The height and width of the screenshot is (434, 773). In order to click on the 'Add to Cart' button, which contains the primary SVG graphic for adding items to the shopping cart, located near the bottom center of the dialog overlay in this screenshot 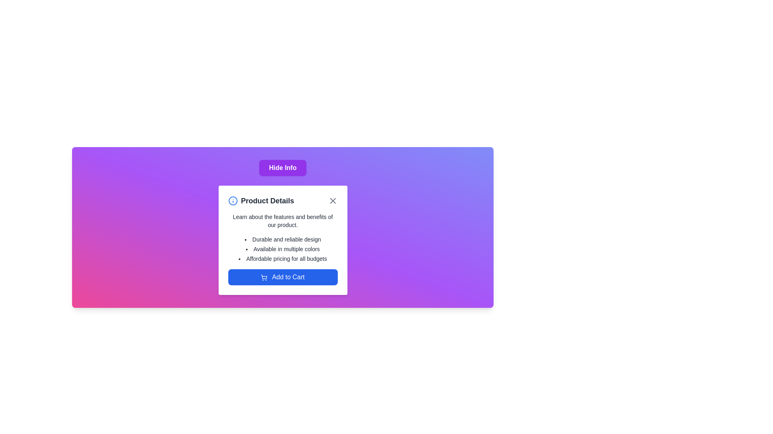, I will do `click(264, 276)`.